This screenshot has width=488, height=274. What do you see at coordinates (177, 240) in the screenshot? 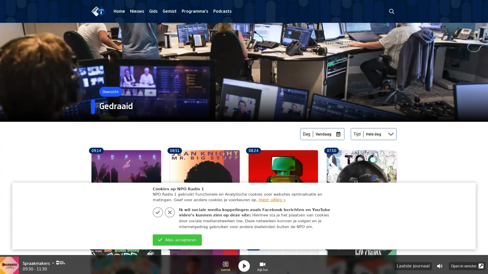
I see `Alles accepteren` at bounding box center [177, 240].